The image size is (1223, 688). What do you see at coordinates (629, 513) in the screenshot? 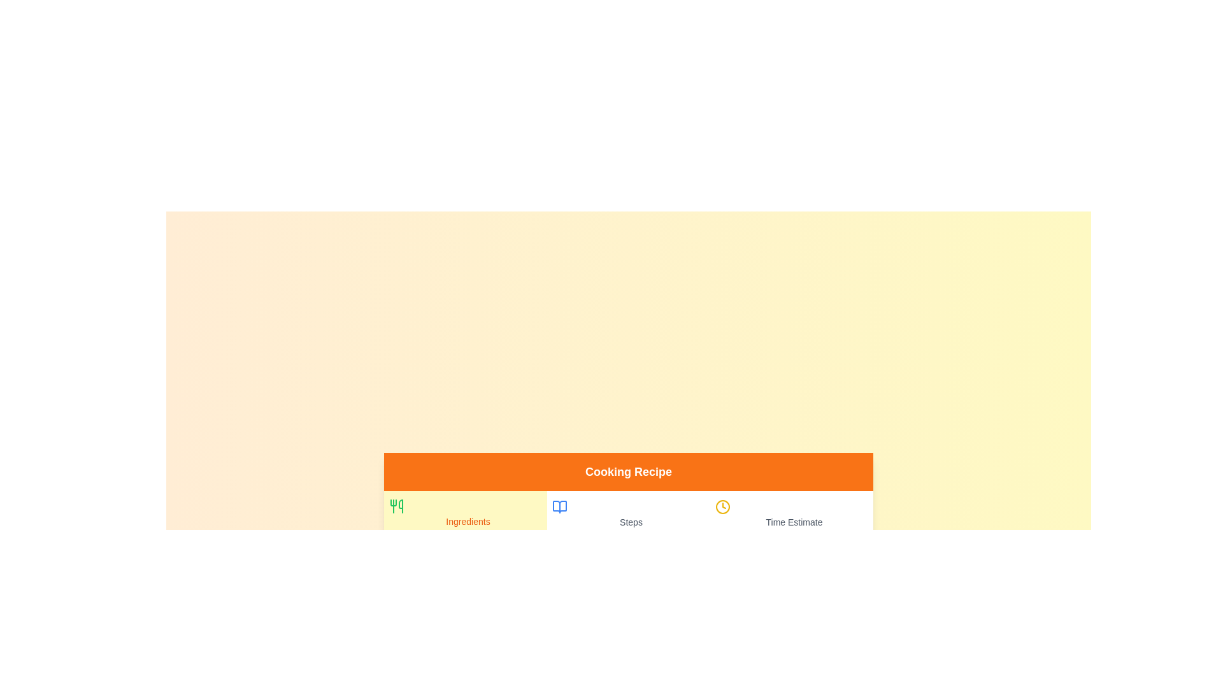
I see `the tab labeled Steps to switch to the corresponding section` at bounding box center [629, 513].